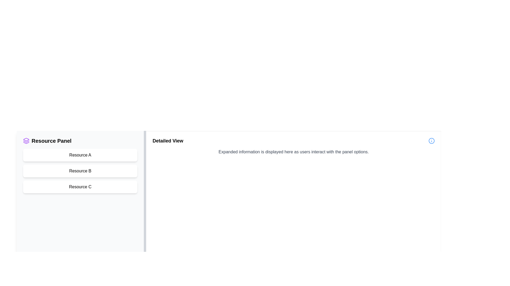  What do you see at coordinates (26, 141) in the screenshot?
I see `the second layered shape of the Graphical Icon Component that signifies the 'Resource Panel' section` at bounding box center [26, 141].